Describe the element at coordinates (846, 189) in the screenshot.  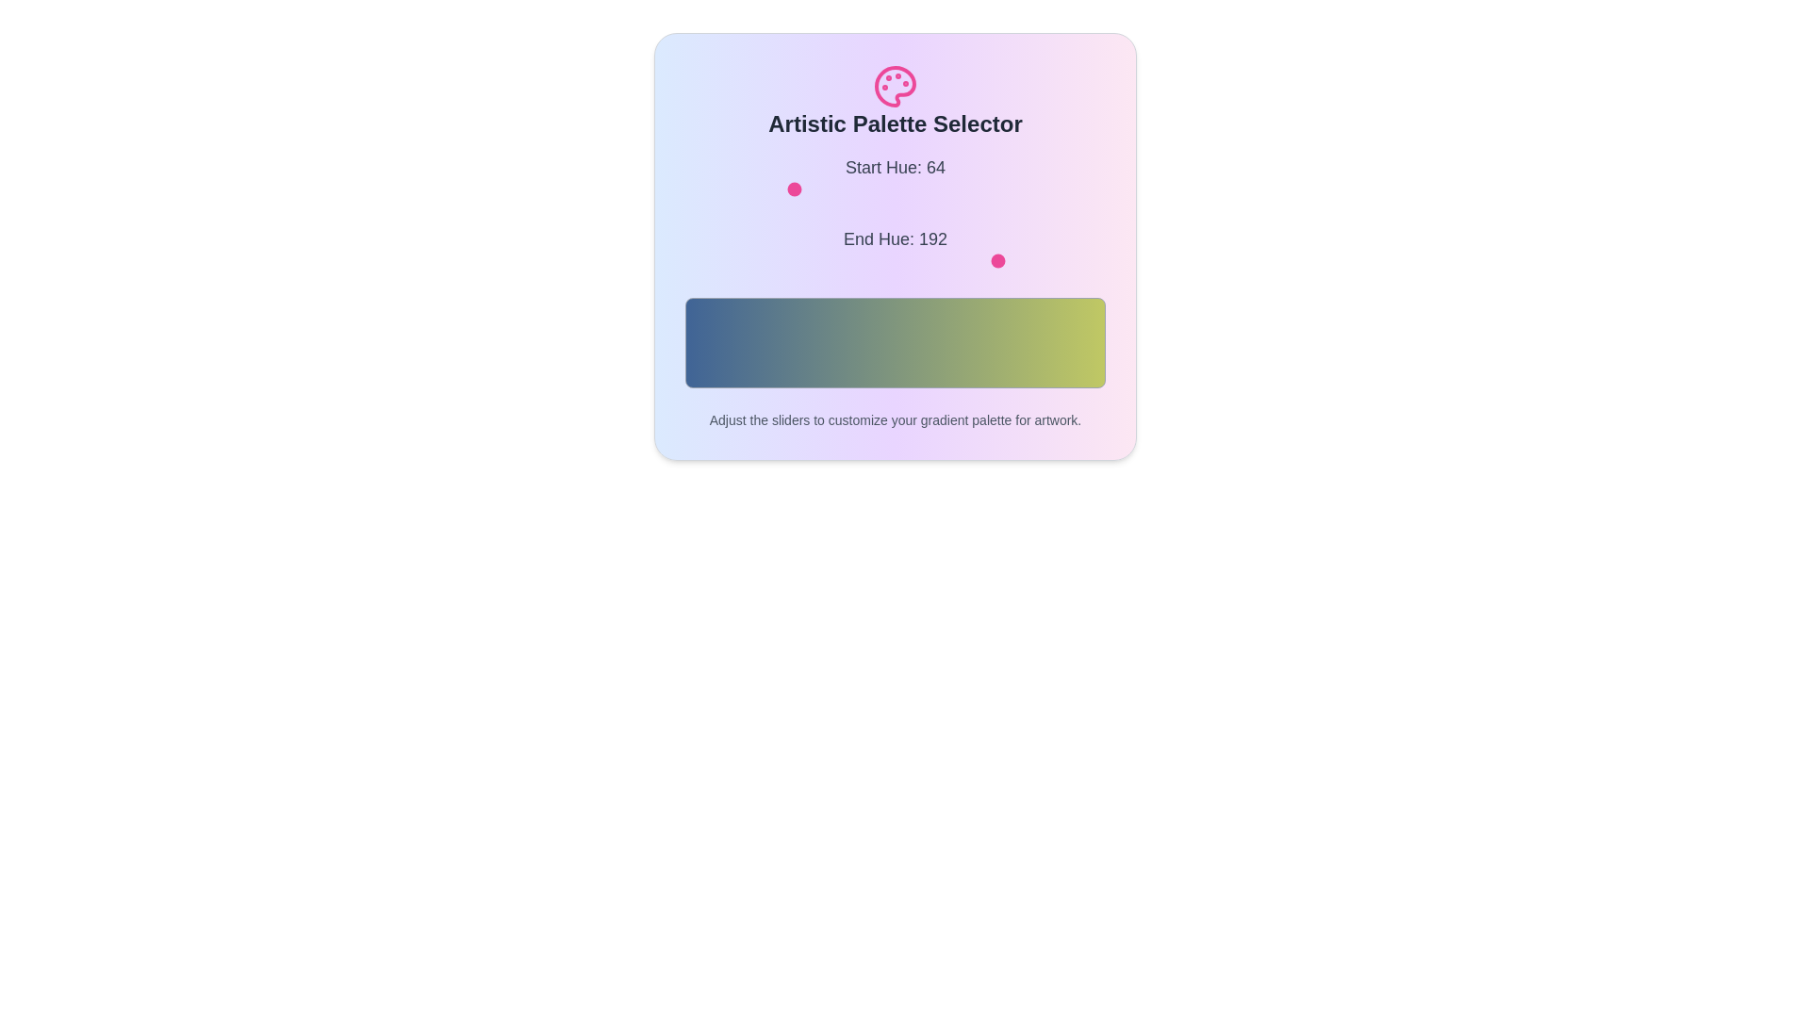
I see `the hue slider to set the hue value to 98` at that location.